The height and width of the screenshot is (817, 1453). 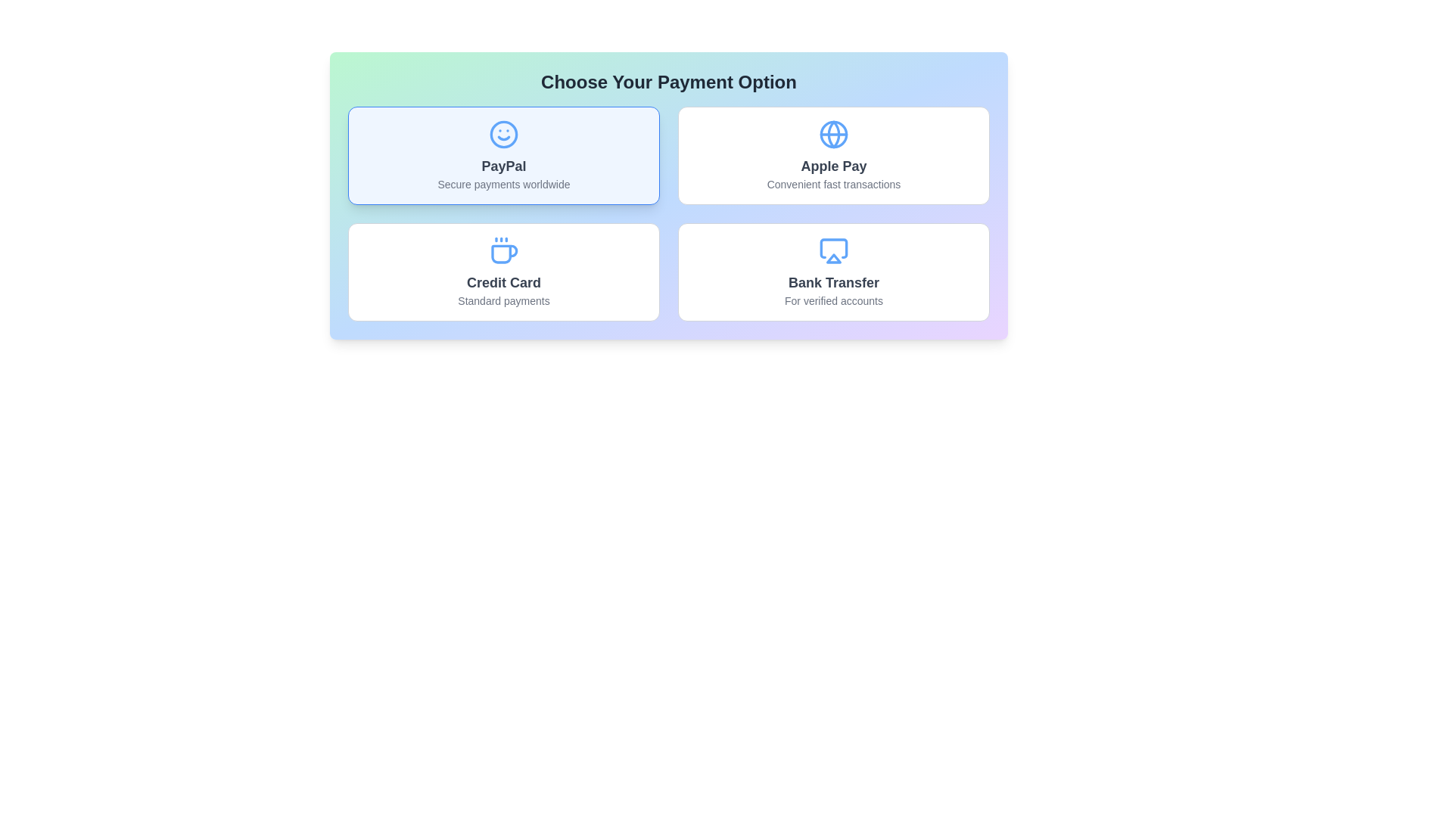 What do you see at coordinates (833, 183) in the screenshot?
I see `the static text label that provides details about the 'Apple Pay' payment method, located within the 'Apple Pay' payment option card` at bounding box center [833, 183].